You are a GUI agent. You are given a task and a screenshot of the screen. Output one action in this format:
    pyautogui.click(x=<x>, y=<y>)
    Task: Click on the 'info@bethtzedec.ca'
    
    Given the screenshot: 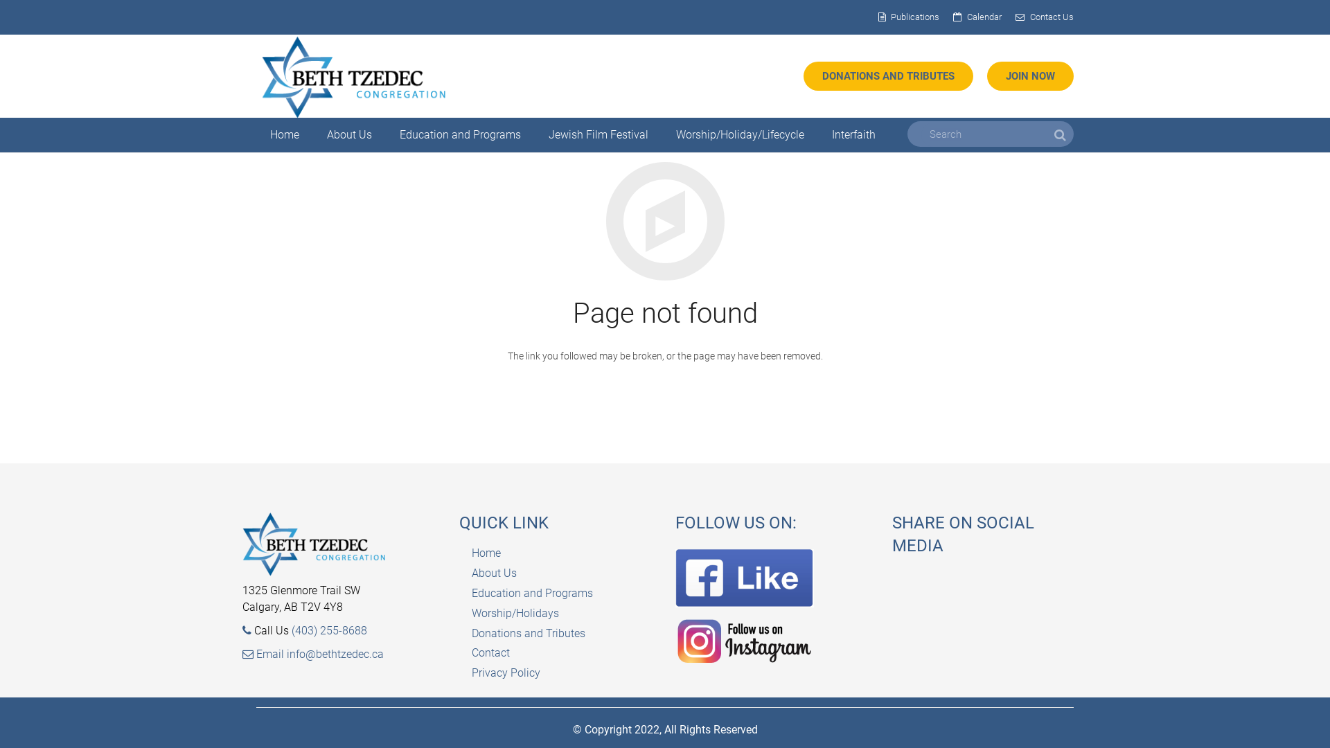 What is the action you would take?
    pyautogui.click(x=335, y=654)
    